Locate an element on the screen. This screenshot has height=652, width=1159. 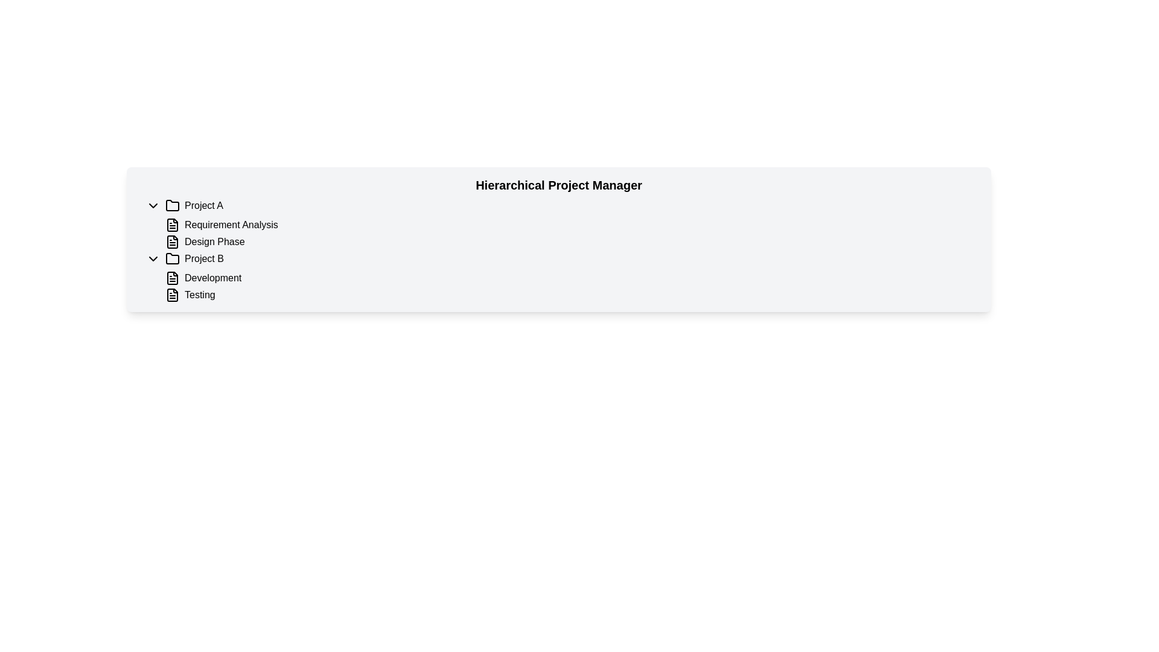
the text label representing 'Project A', which is located in the upper region of a hierarchical list interface, positioned after a folder icon is located at coordinates (204, 205).